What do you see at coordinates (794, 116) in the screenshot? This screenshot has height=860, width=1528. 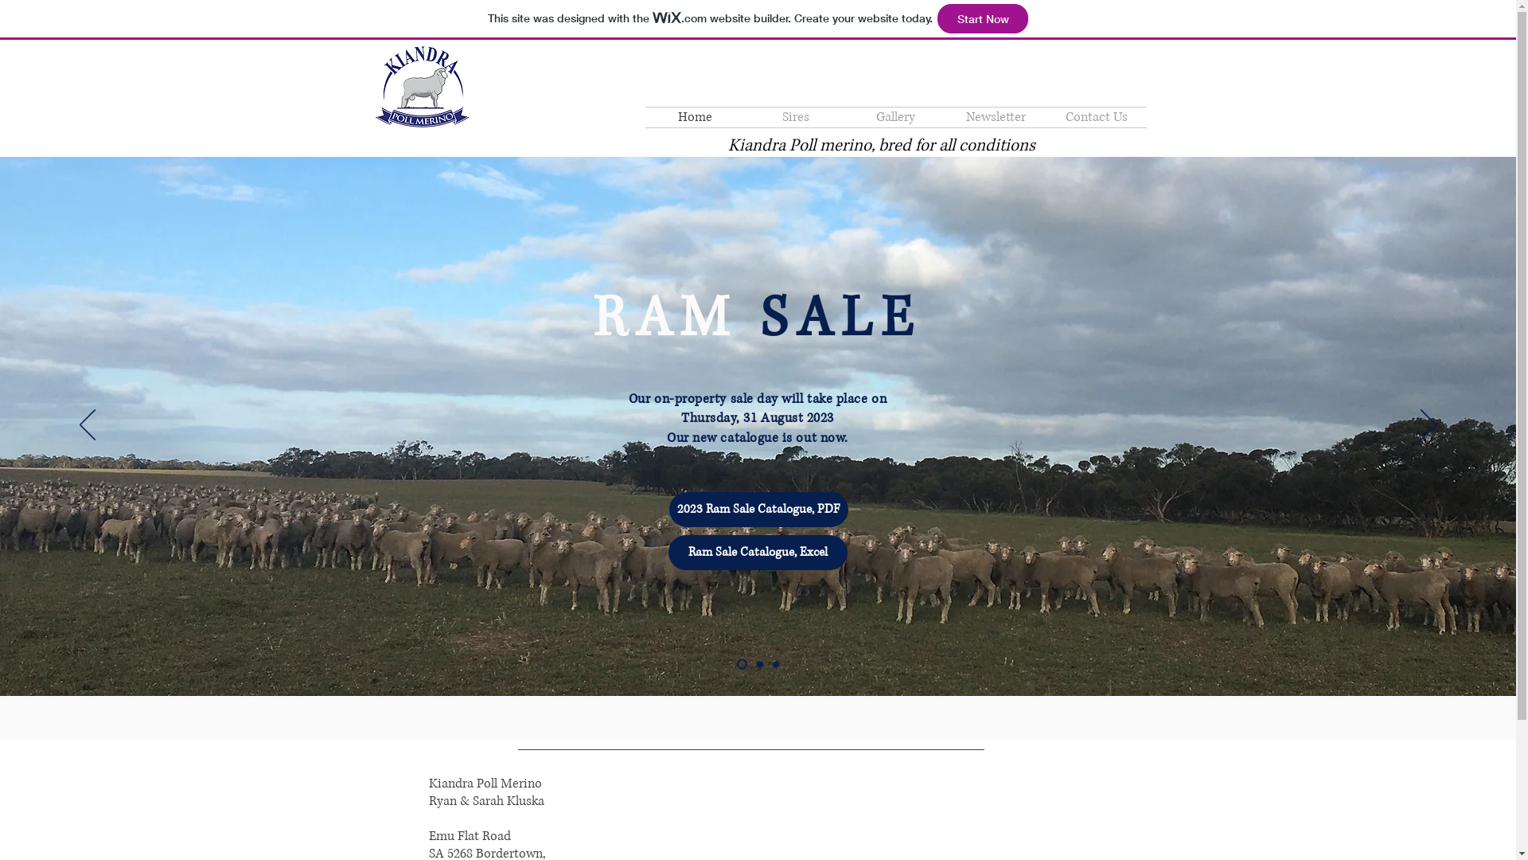 I see `'Sires'` at bounding box center [794, 116].